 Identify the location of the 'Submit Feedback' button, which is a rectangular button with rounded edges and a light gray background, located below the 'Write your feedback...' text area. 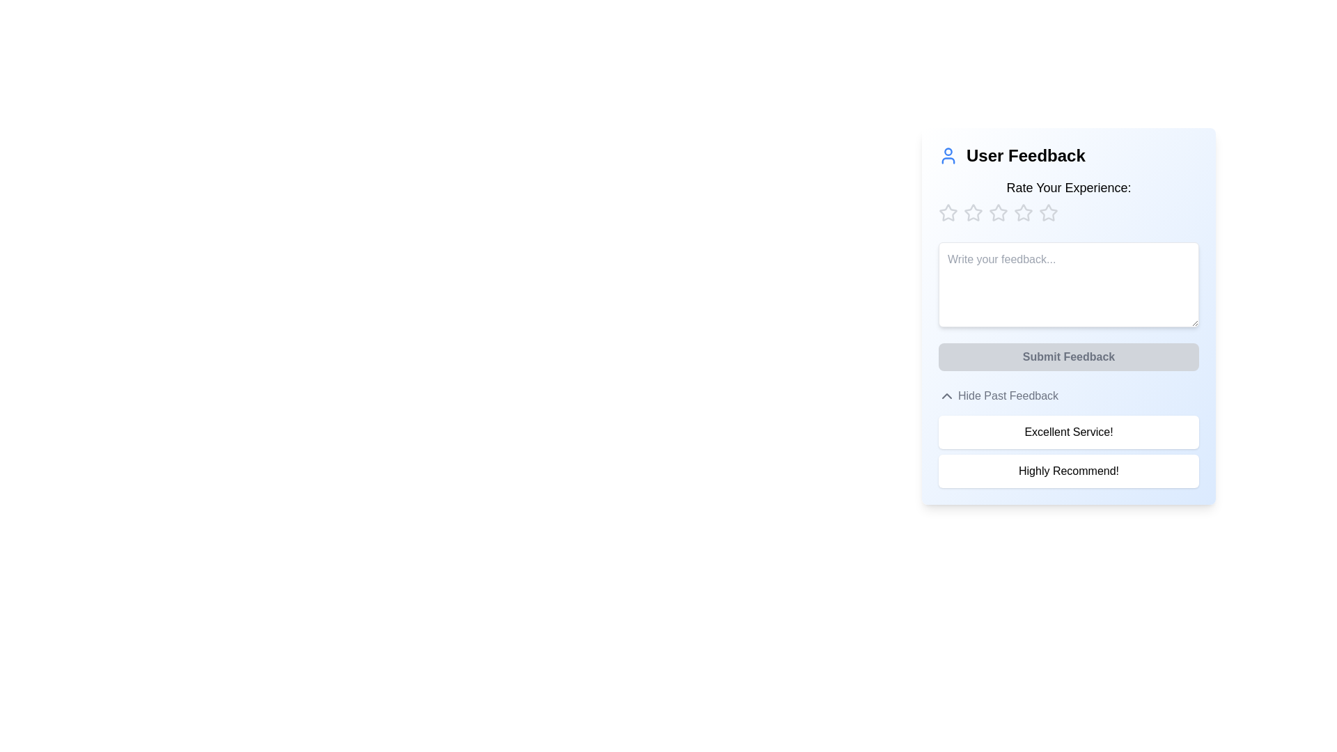
(1068, 357).